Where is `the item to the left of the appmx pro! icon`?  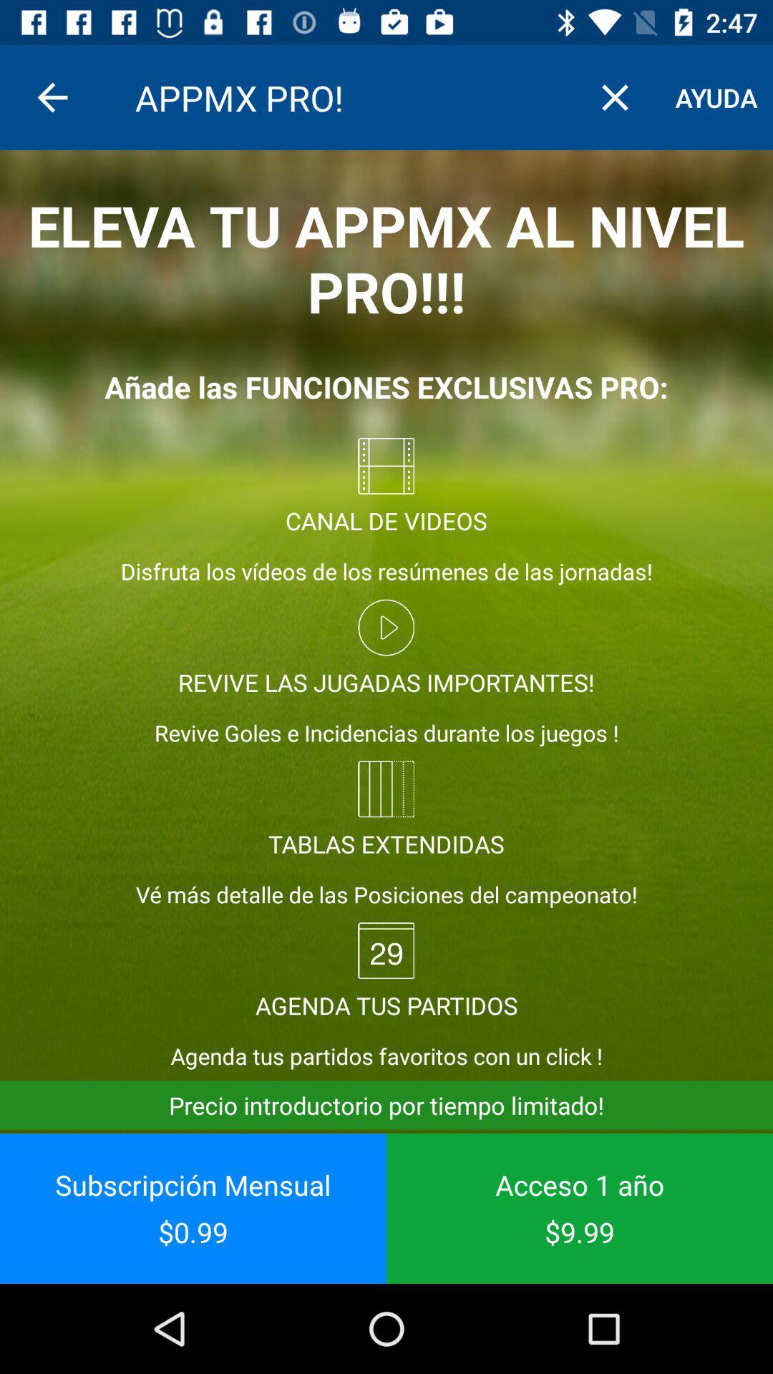 the item to the left of the appmx pro! icon is located at coordinates (52, 97).